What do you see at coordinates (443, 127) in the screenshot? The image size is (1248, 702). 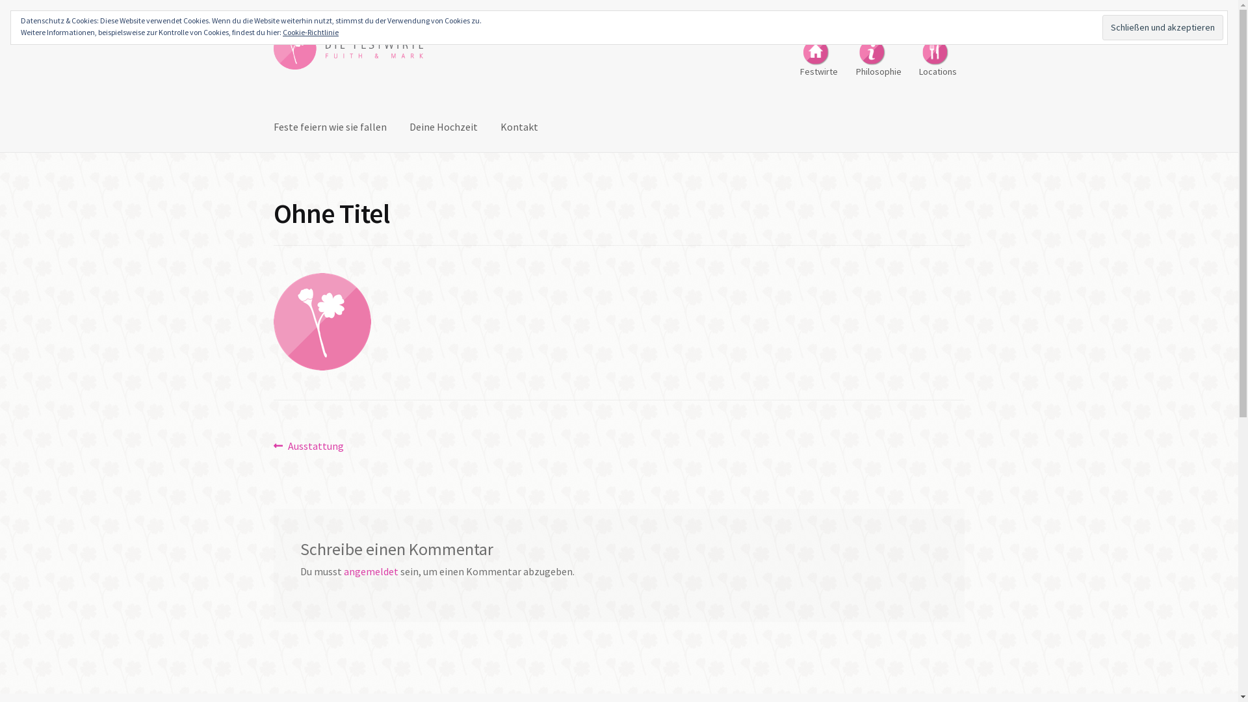 I see `'Deine Hochzeit'` at bounding box center [443, 127].